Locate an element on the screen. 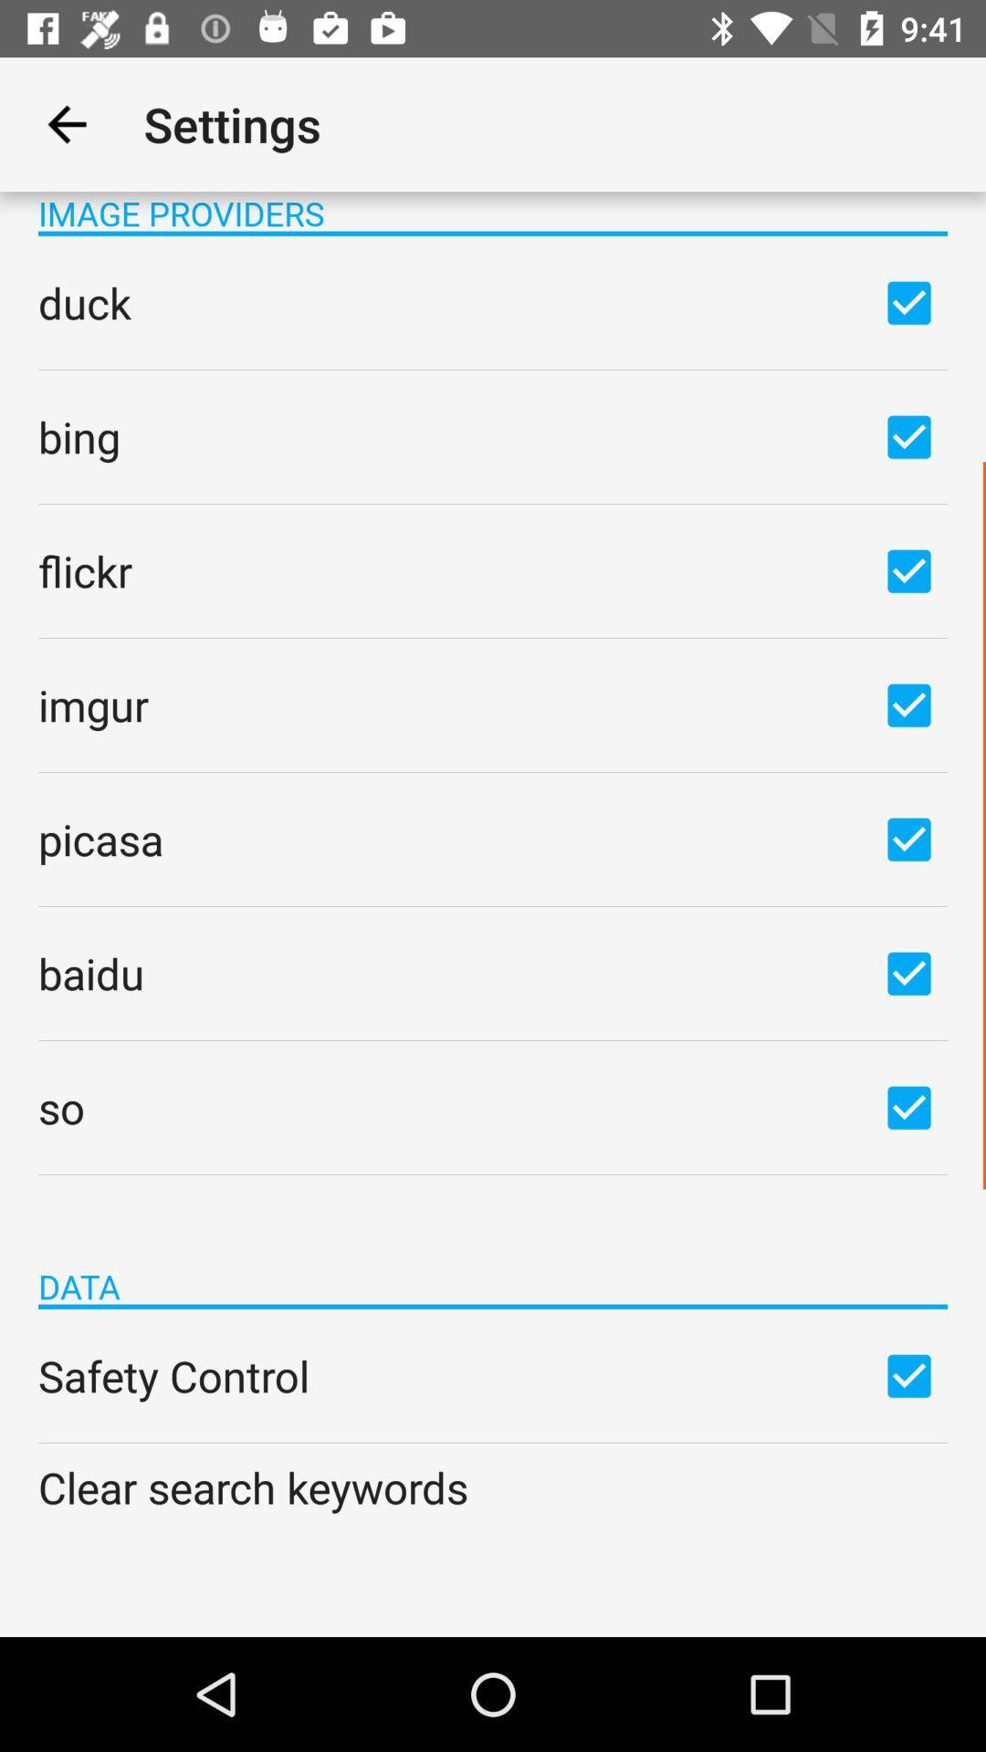 The width and height of the screenshot is (986, 1752). or deselect an image provider is located at coordinates (908, 435).